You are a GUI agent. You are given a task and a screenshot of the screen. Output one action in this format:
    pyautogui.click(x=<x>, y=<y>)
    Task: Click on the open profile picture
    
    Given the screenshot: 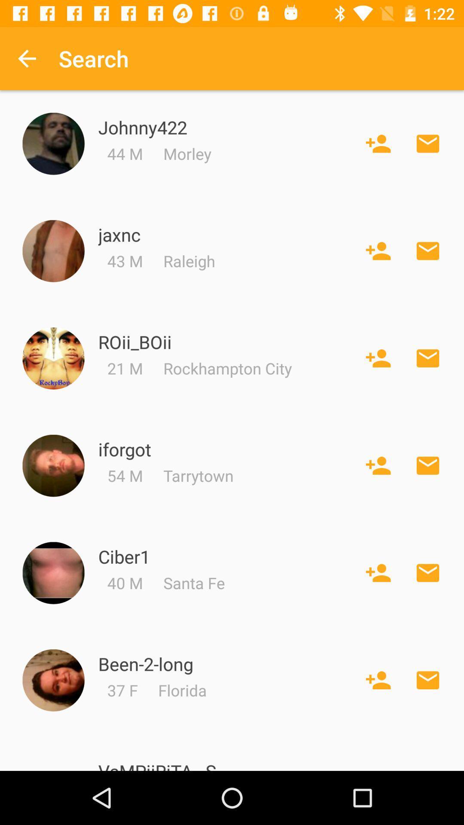 What is the action you would take?
    pyautogui.click(x=53, y=144)
    